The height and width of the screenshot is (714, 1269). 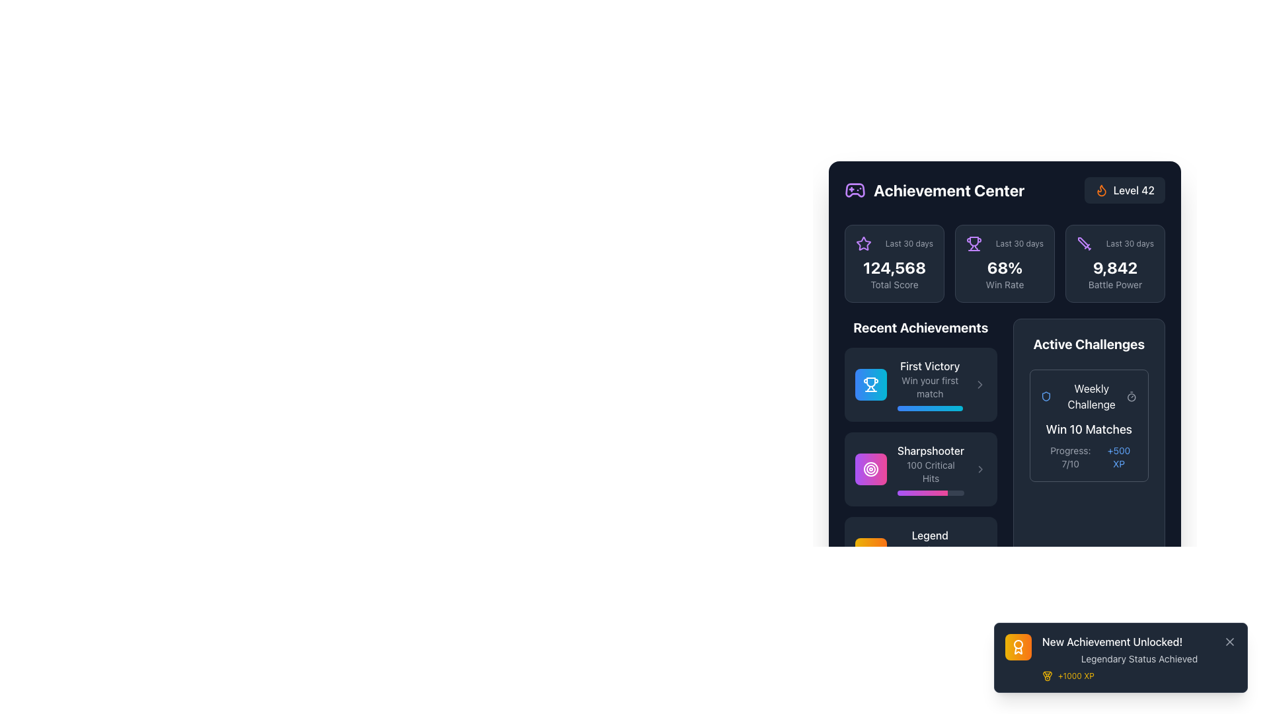 What do you see at coordinates (920, 385) in the screenshot?
I see `the first achievement card in the 'Recent Achievements' section, which features a trophy icon and the text 'First Victory' and 'Win your first match'` at bounding box center [920, 385].